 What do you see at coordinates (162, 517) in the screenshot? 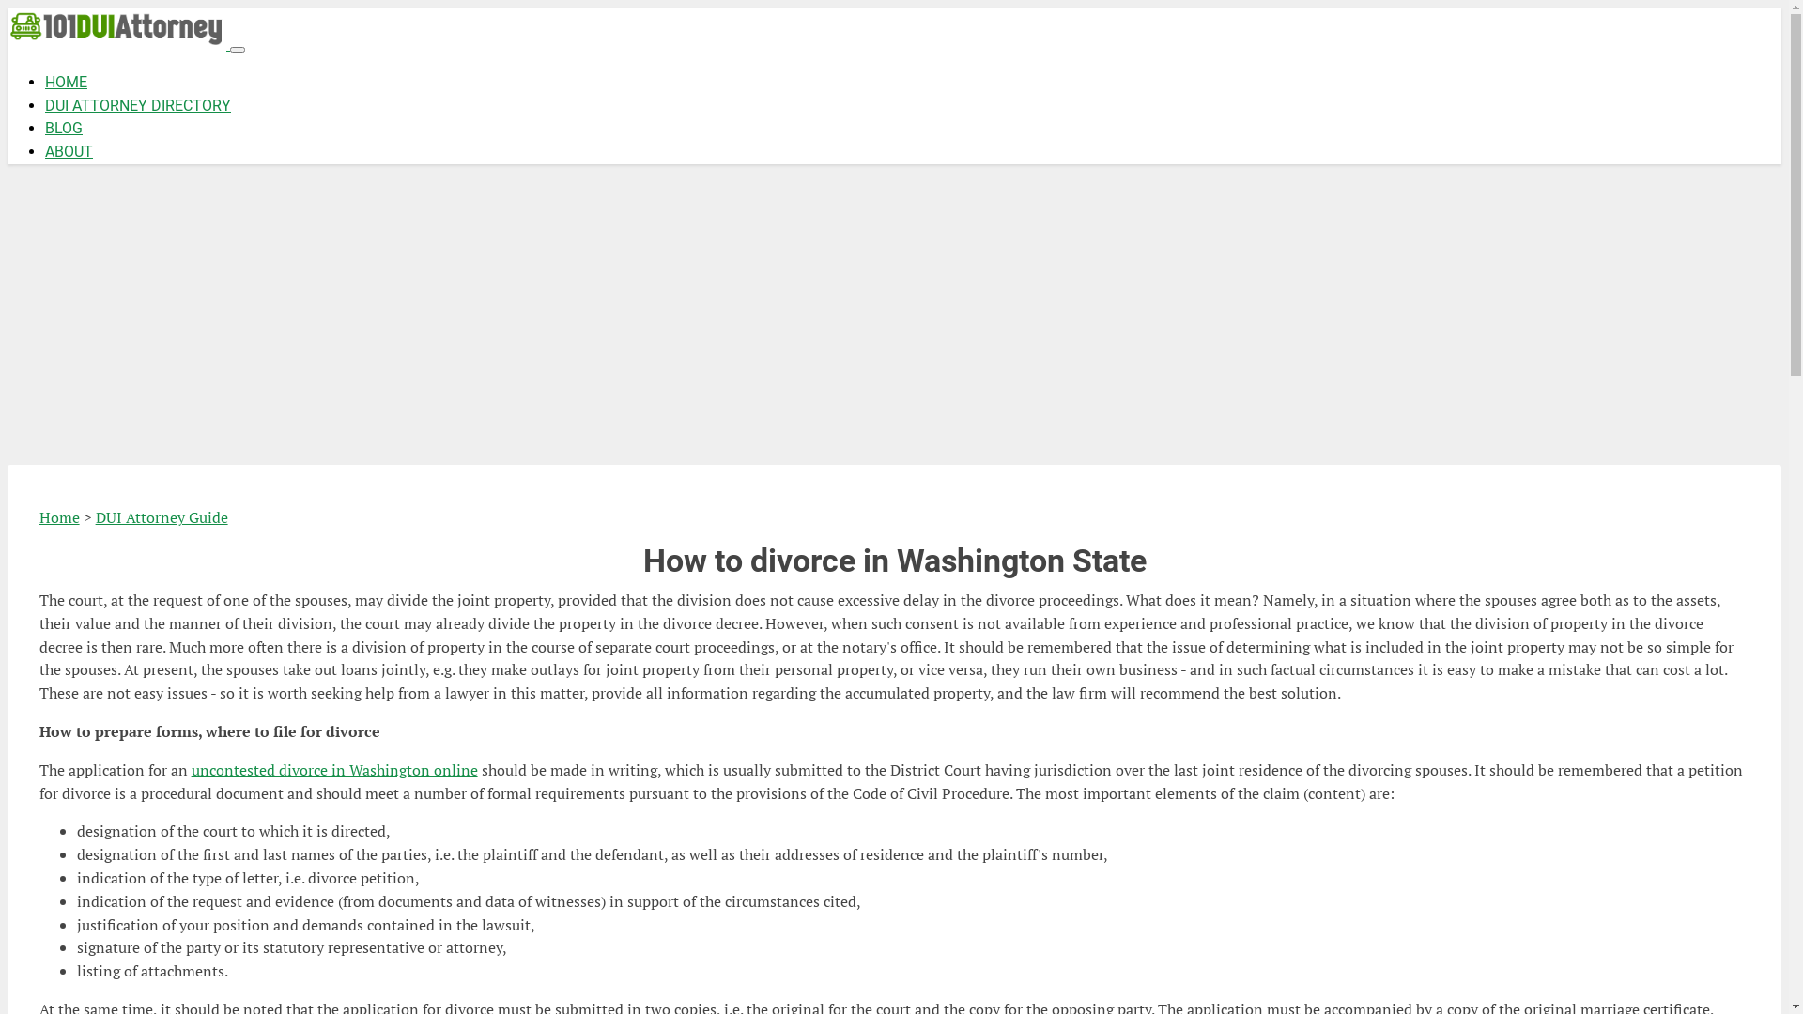
I see `'DUI Attorney Guide'` at bounding box center [162, 517].